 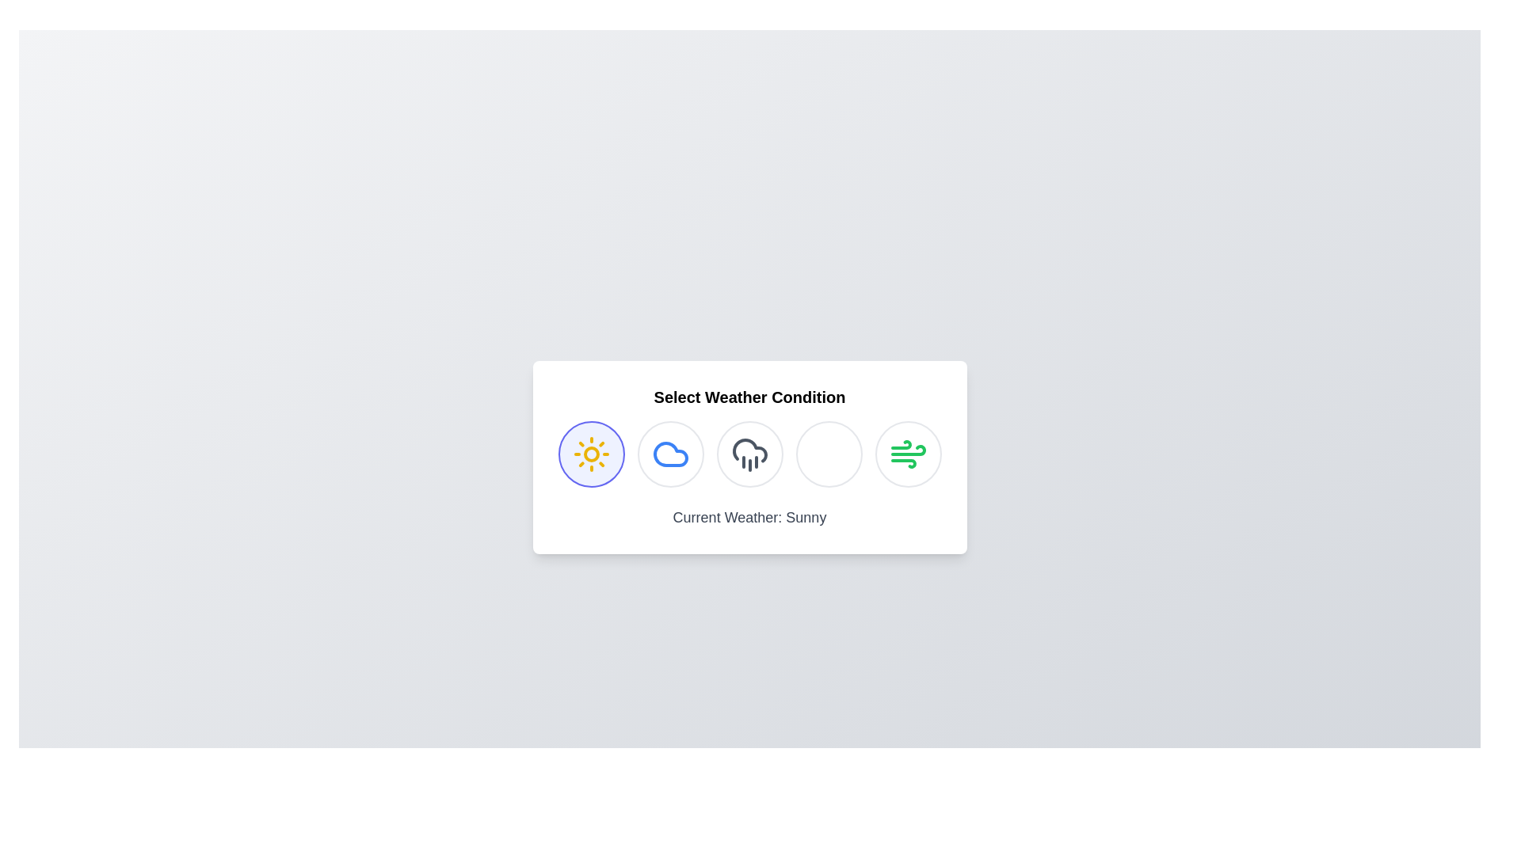 I want to click on the green-stroked wind icon curve, which is the bottom component of the weather-related icon group located on the rightmost side of the interface, so click(x=903, y=463).